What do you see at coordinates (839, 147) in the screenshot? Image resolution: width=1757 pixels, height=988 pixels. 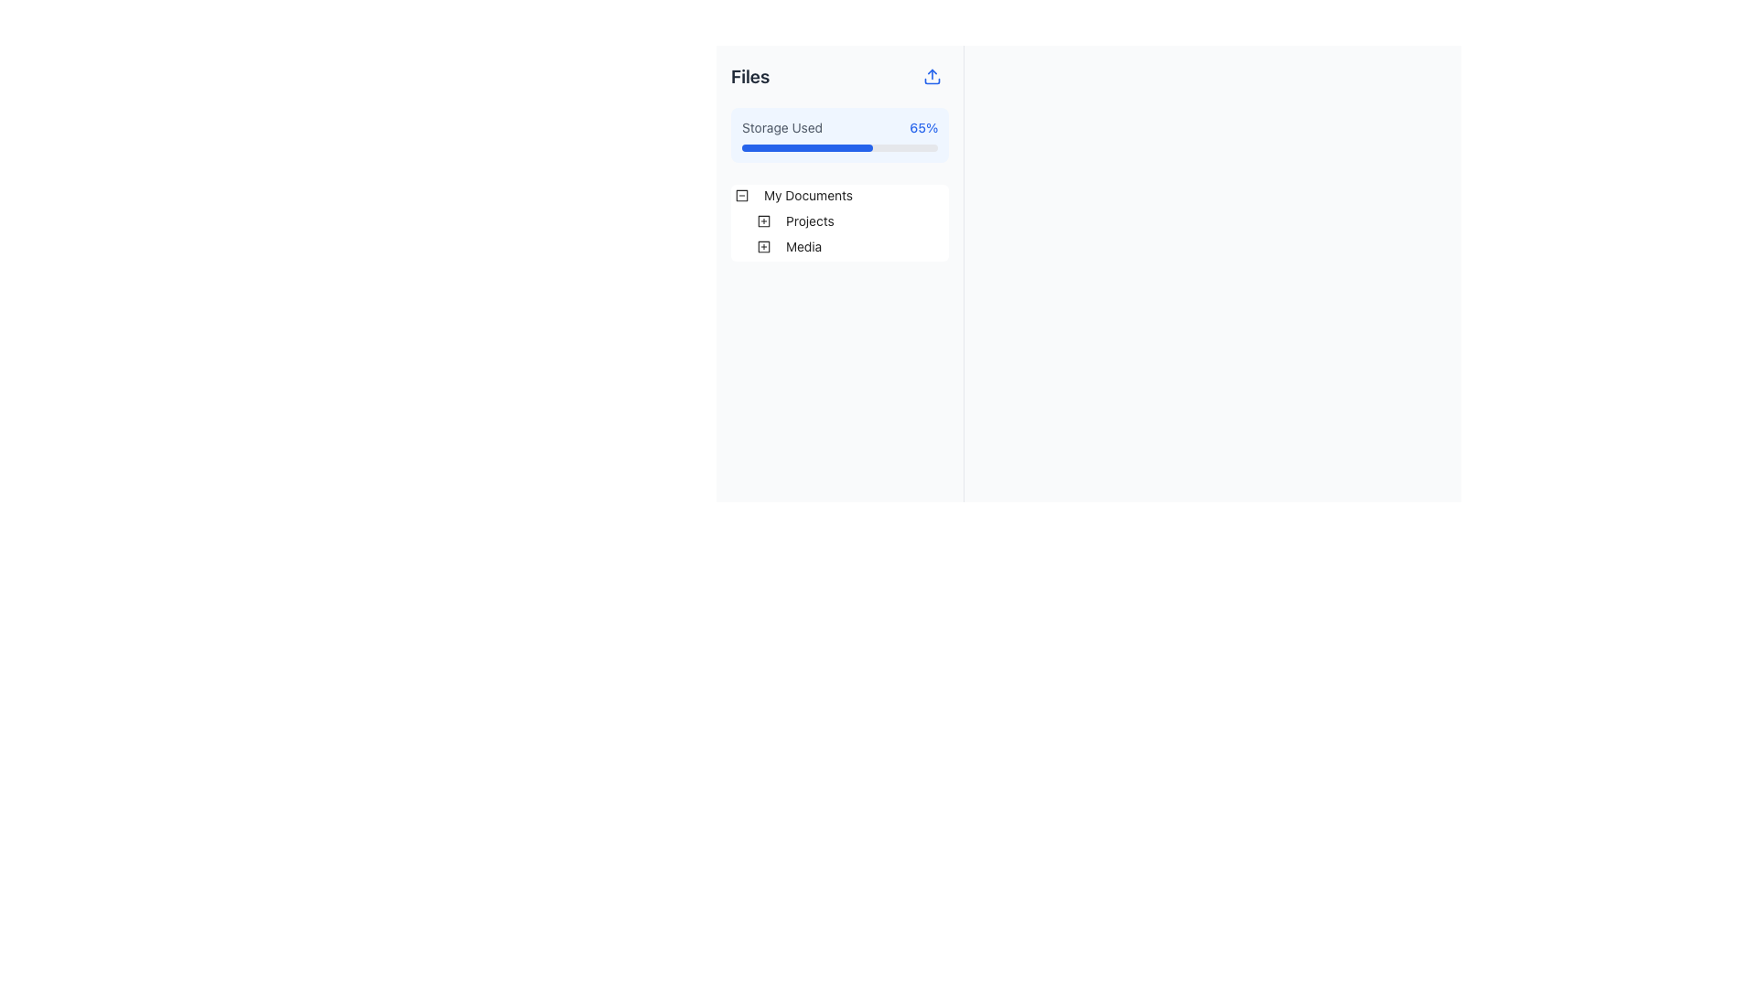 I see `the Progress bar that visually represents the percentage of storage used, located below the text 'Storage Used' and '65%' within the storage usage information card` at bounding box center [839, 147].